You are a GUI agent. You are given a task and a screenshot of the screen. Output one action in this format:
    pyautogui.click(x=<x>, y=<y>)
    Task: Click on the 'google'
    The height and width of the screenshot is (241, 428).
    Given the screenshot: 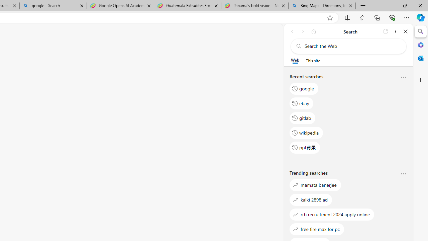 What is the action you would take?
    pyautogui.click(x=304, y=88)
    